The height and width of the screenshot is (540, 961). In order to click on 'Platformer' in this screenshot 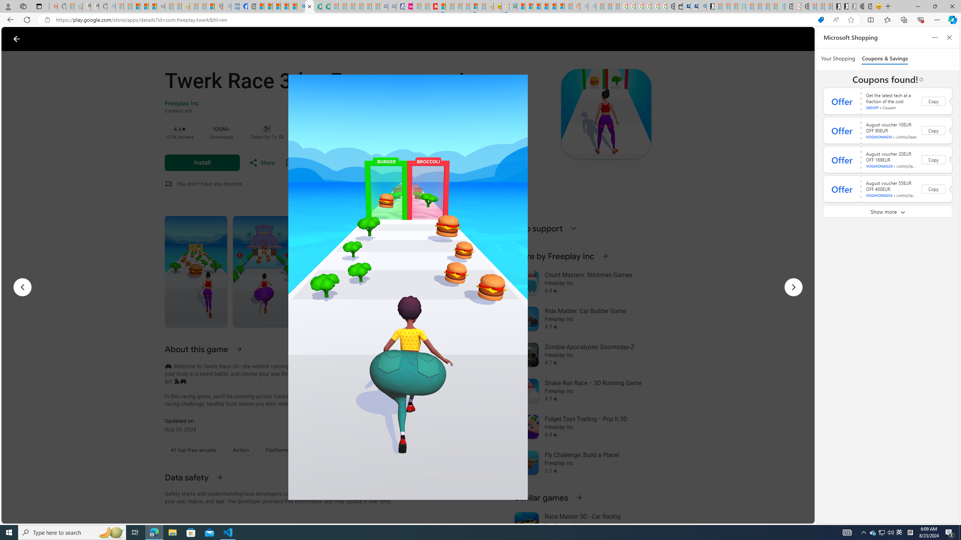, I will do `click(279, 450)`.